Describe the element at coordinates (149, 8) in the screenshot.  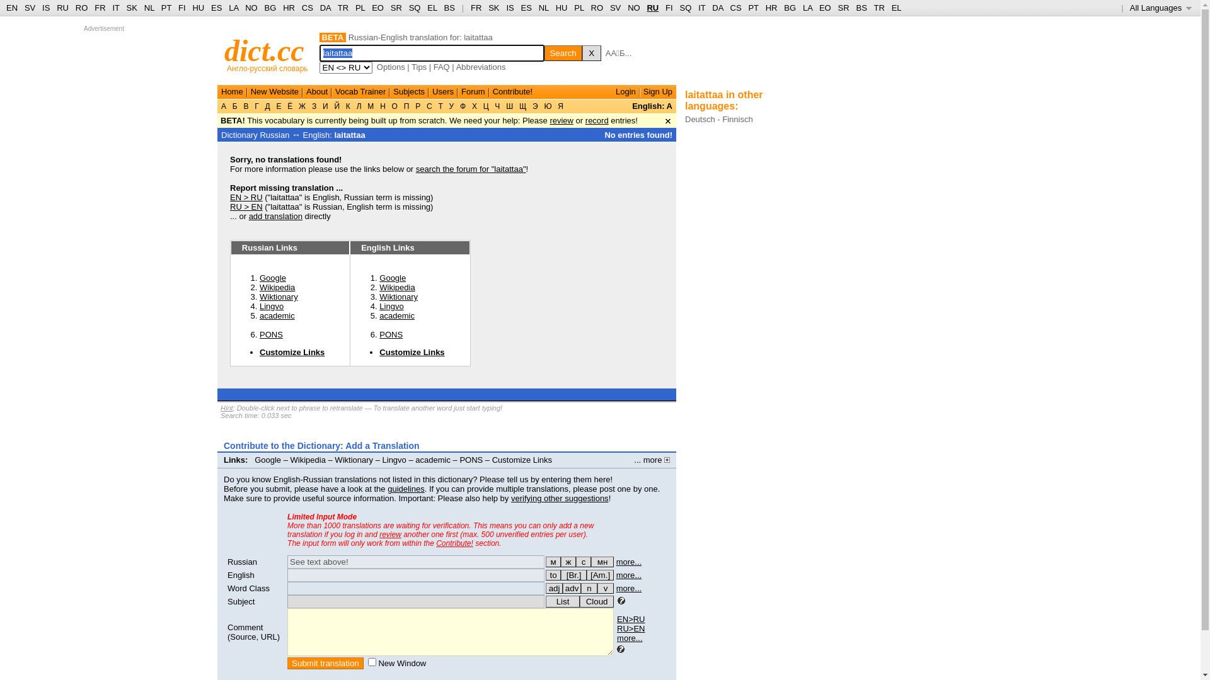
I see `'NL'` at that location.